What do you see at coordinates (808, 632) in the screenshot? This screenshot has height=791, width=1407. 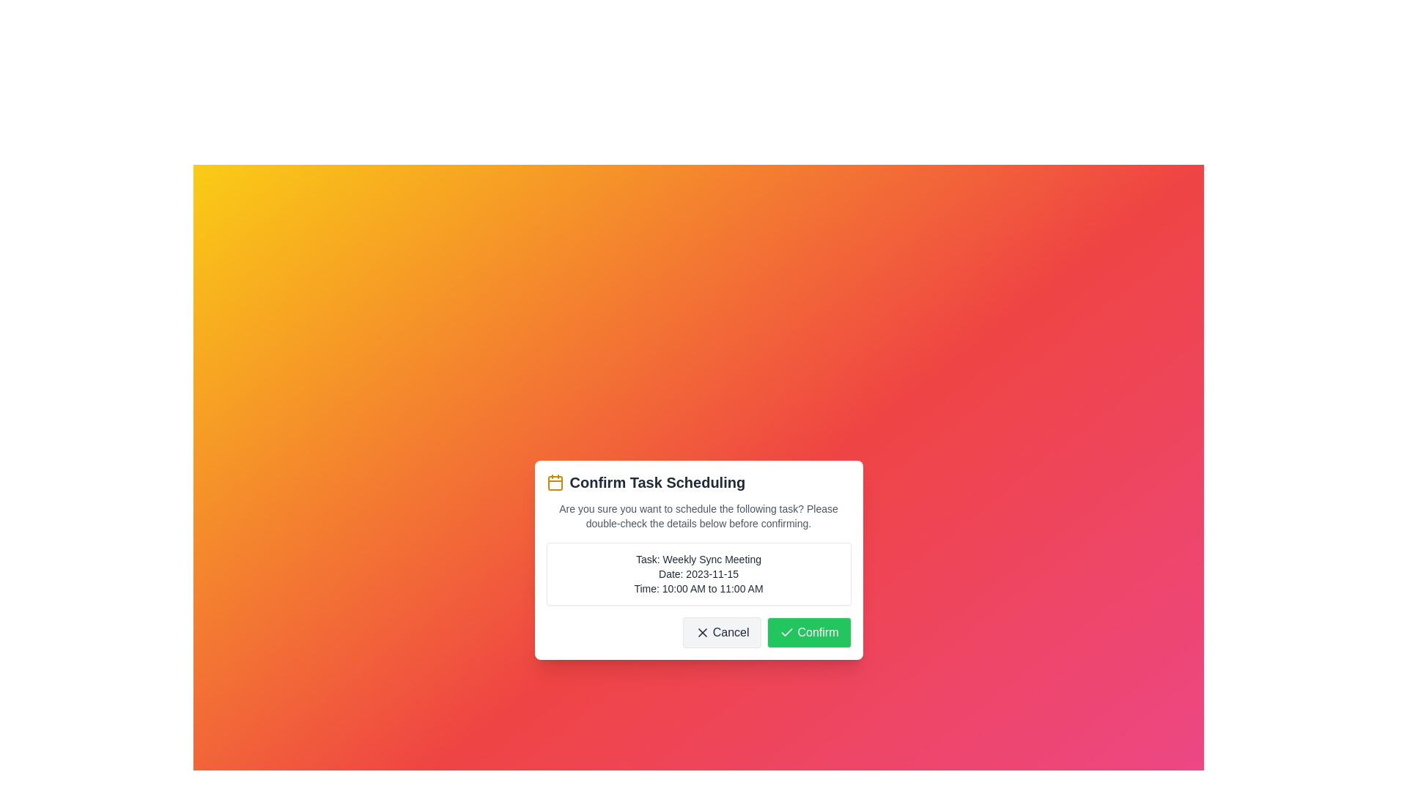 I see `the green 'Confirm' button with rounded corners and a white border, which is the second button in the dialog interface, to trigger the hover effect` at bounding box center [808, 632].